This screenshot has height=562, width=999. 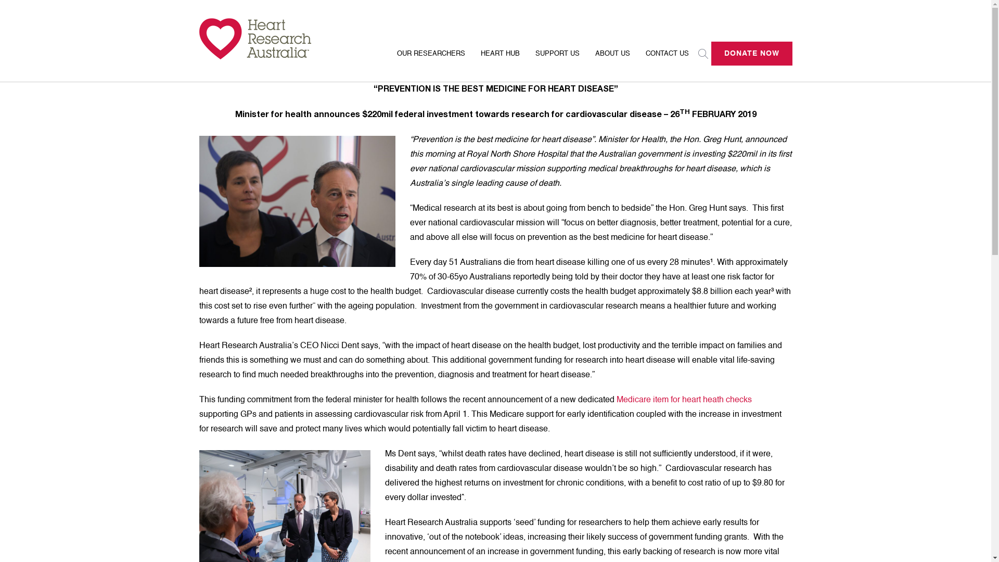 I want to click on 'OUR RESEARCHERS', so click(x=431, y=60).